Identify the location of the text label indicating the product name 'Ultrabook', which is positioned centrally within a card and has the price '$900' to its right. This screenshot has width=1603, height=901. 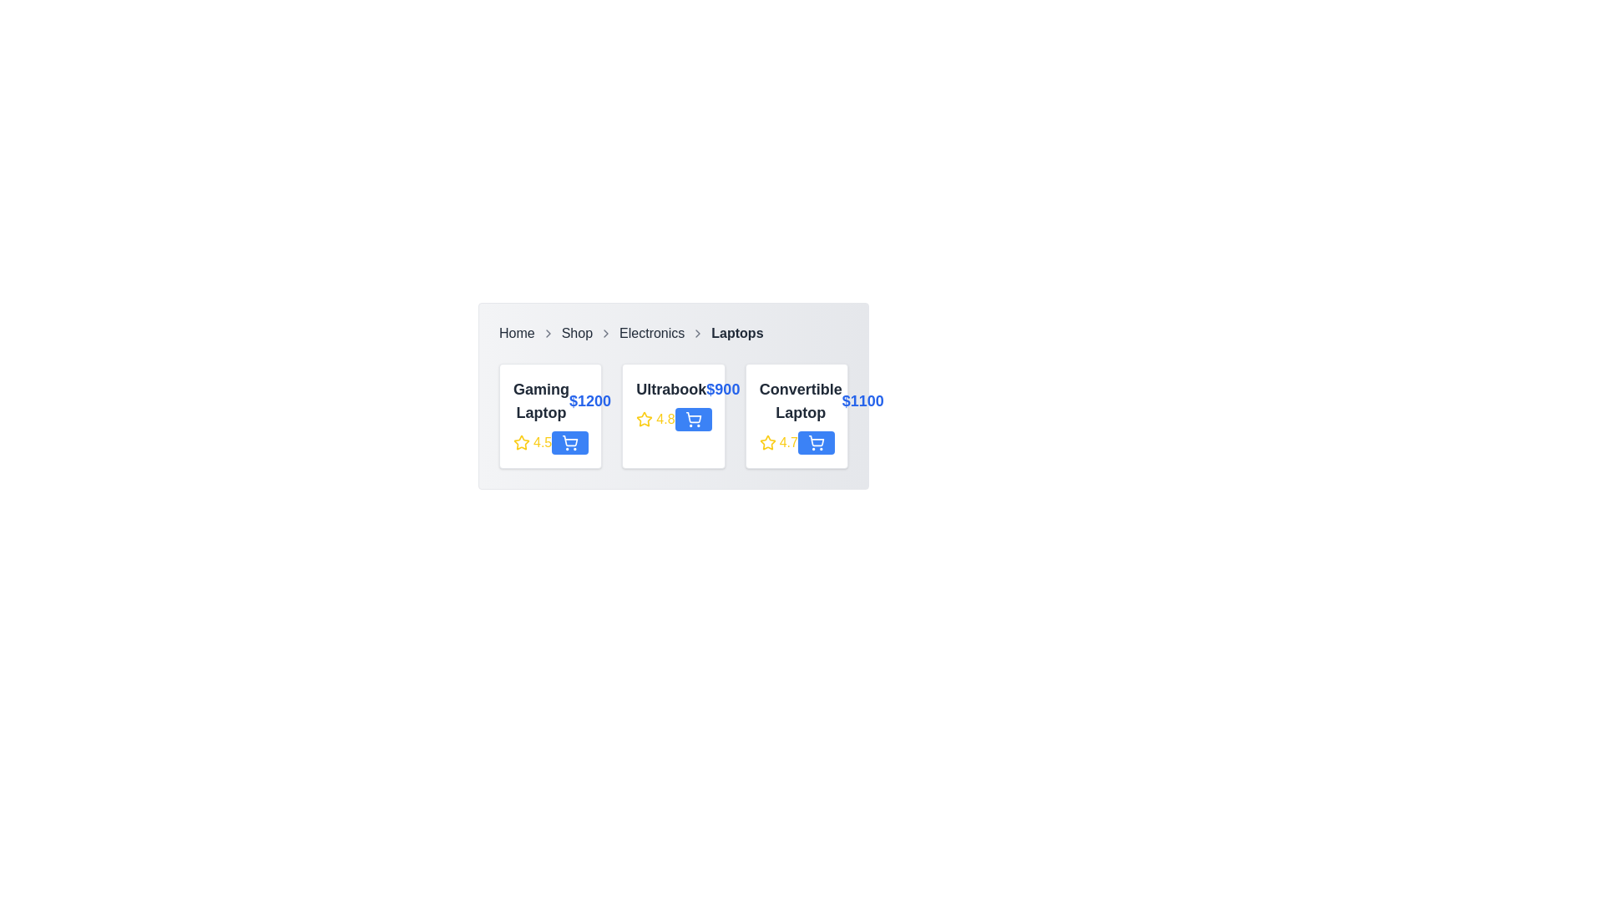
(671, 389).